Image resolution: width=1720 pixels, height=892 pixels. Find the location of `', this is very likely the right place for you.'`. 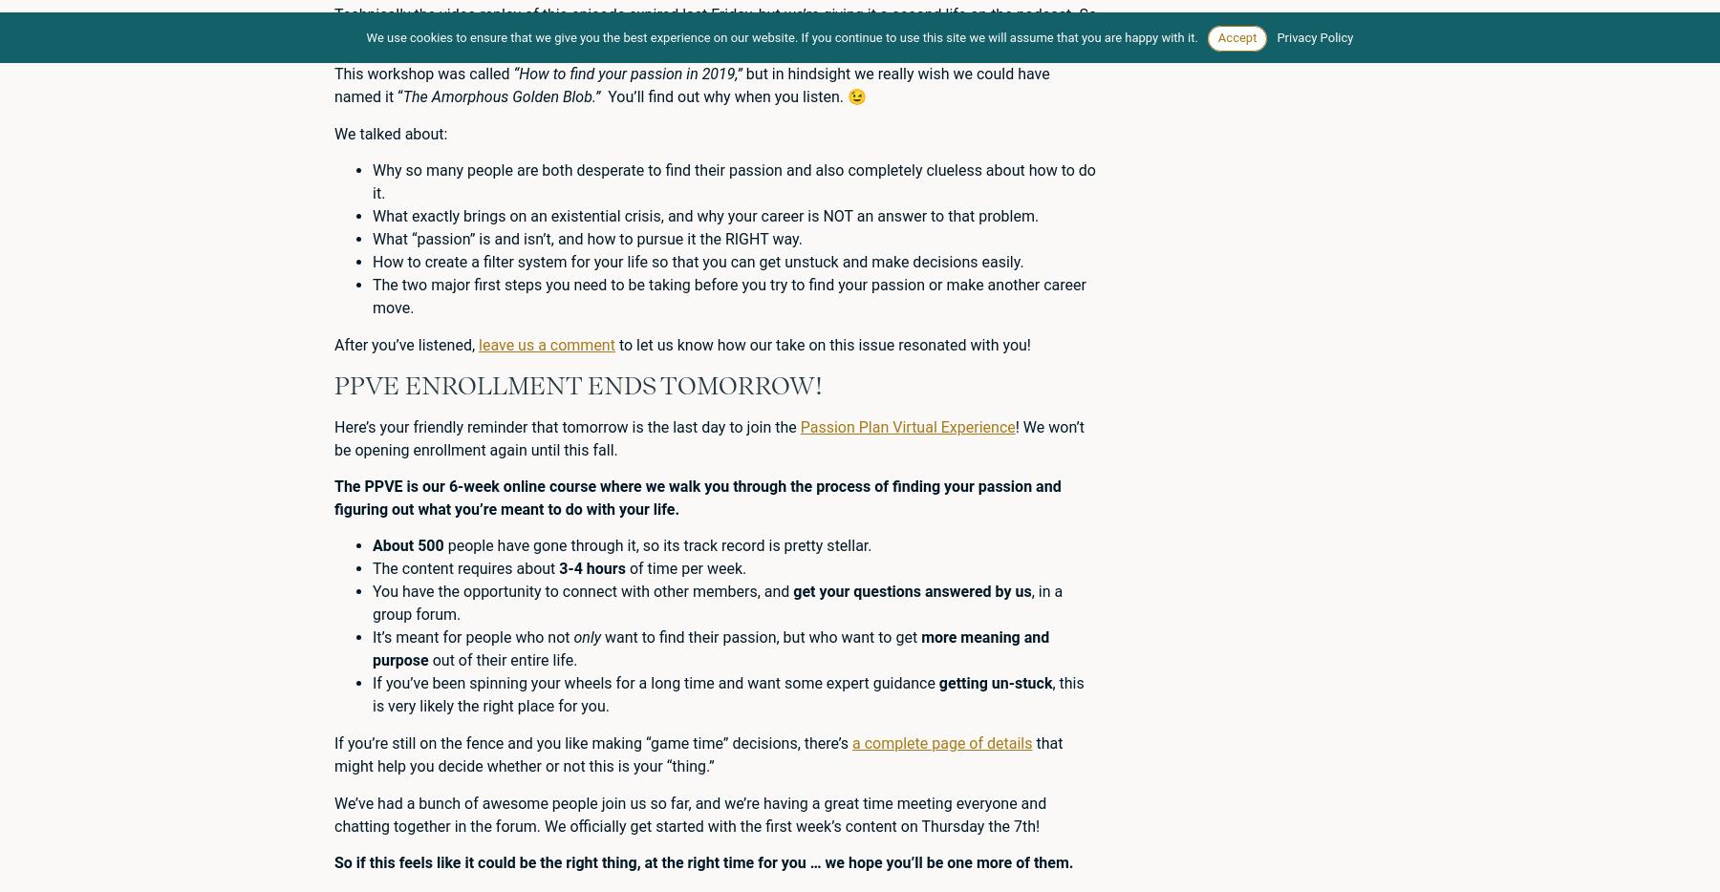

', this is very likely the right place for you.' is located at coordinates (726, 694).